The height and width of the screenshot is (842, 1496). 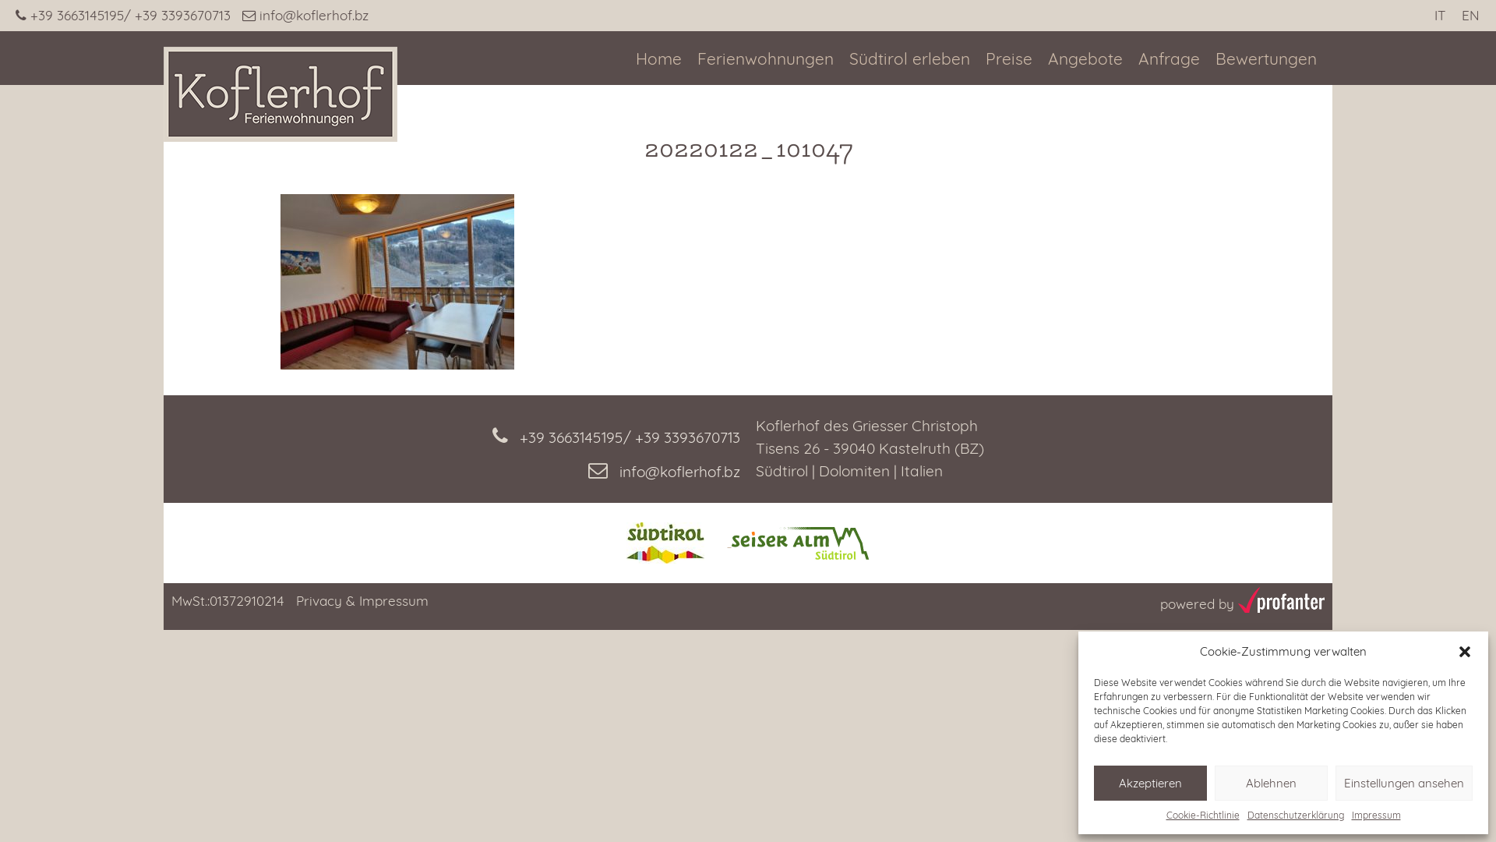 What do you see at coordinates (1470, 15) in the screenshot?
I see `'EN'` at bounding box center [1470, 15].